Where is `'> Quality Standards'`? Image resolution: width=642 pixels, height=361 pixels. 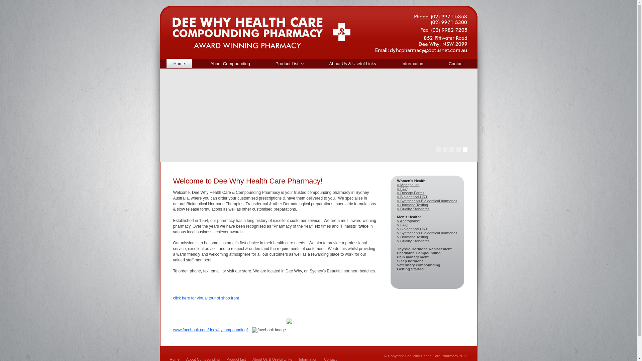 '> Quality Standards' is located at coordinates (413, 208).